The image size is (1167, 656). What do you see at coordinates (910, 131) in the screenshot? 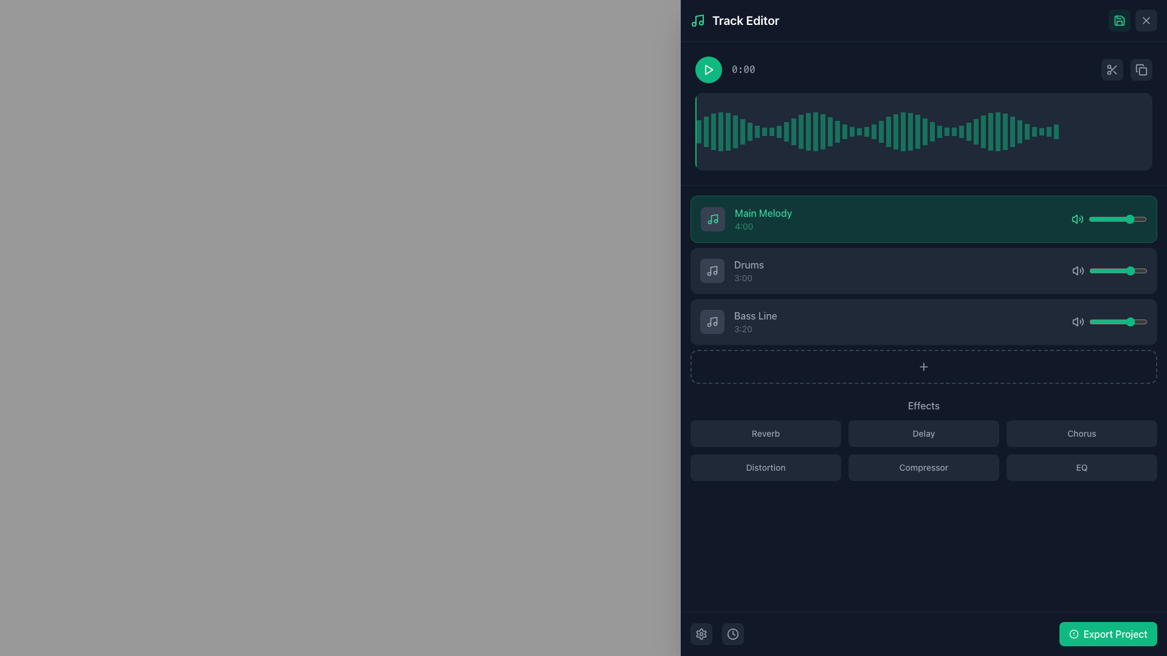
I see `the 30th vertical bar in the bar chart, which is styled with a greenish semi-transparent color and positioned on the right-hand side of the waveform display` at bounding box center [910, 131].